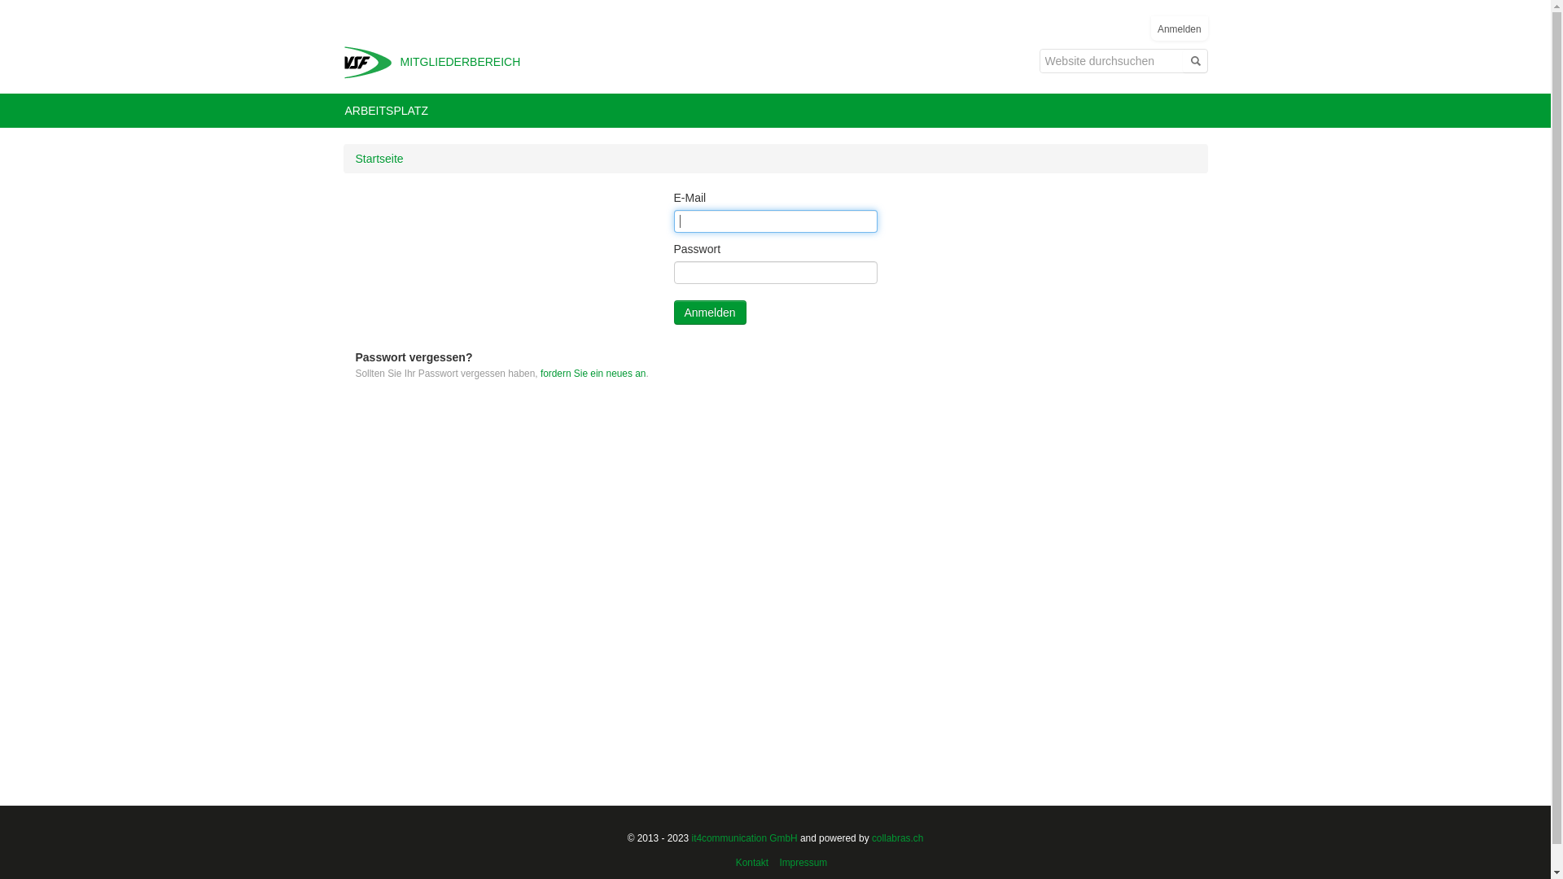 The image size is (1563, 879). What do you see at coordinates (1194, 59) in the screenshot?
I see `'Suche'` at bounding box center [1194, 59].